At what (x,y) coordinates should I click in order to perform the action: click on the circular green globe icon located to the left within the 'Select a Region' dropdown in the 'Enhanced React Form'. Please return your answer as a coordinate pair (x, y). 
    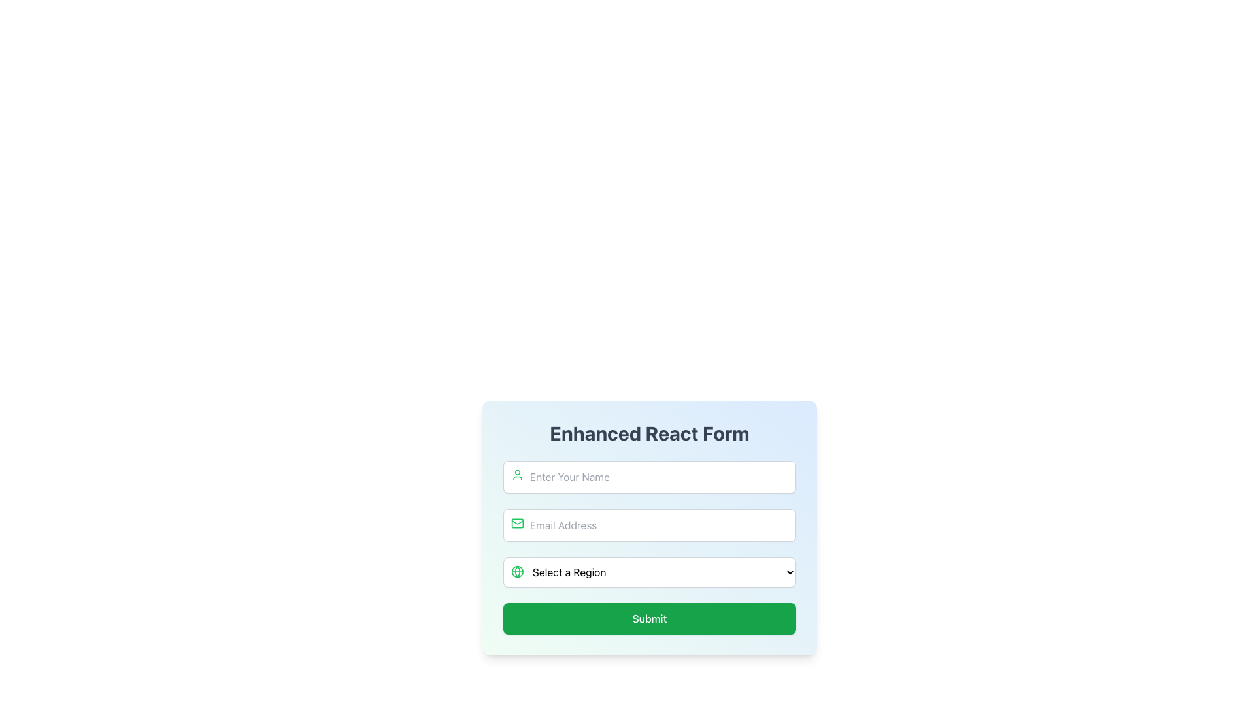
    Looking at the image, I should click on (517, 571).